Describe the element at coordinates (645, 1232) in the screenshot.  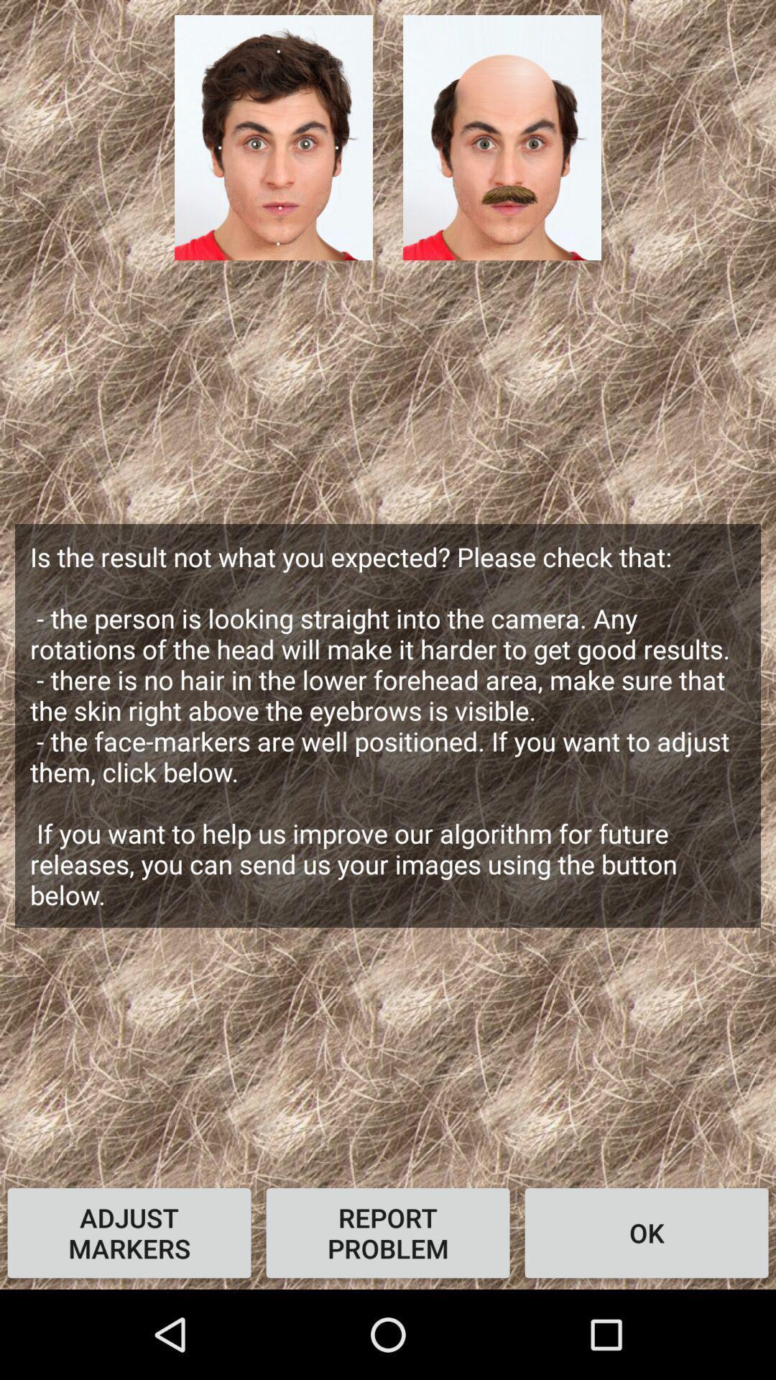
I see `the icon below the is the result item` at that location.